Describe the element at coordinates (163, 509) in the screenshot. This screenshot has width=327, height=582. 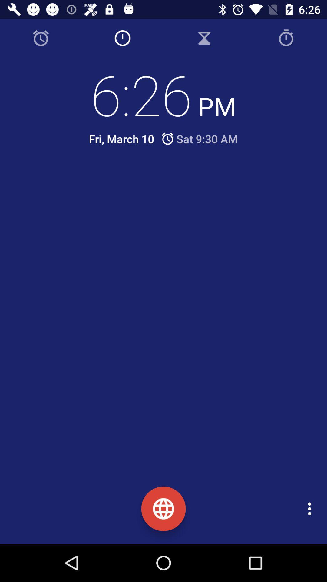
I see `the globe icon` at that location.